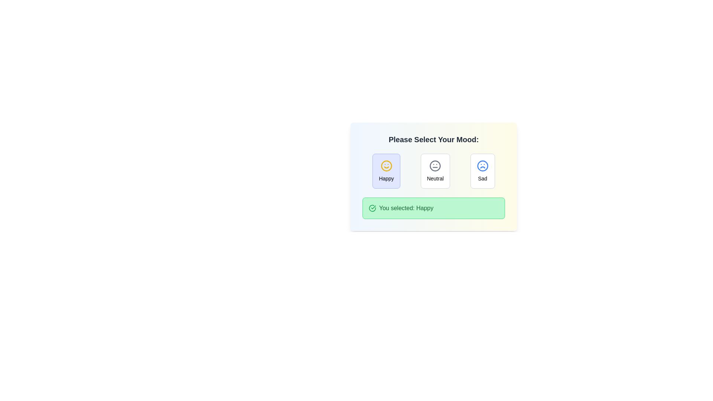 The height and width of the screenshot is (401, 713). Describe the element at coordinates (386, 171) in the screenshot. I see `the 'Happy' mood option, which is the leftmost selectable icon and label in the mood selection interface` at that location.